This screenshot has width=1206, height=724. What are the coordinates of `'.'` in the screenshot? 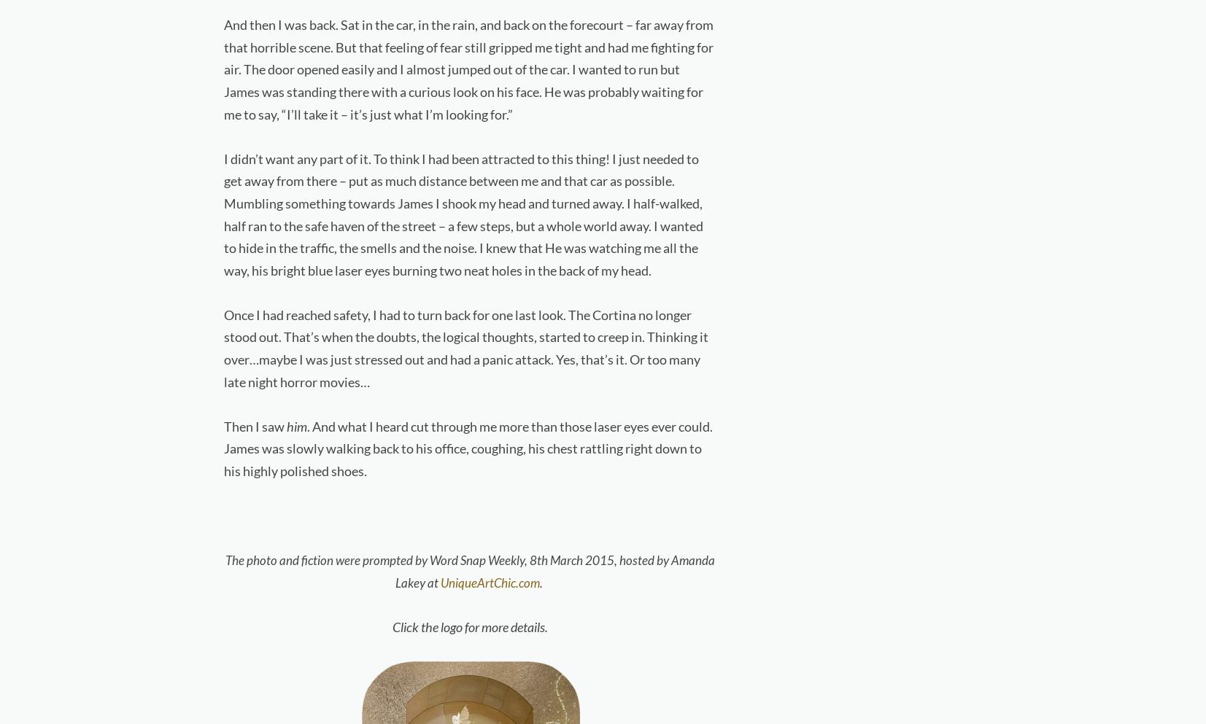 It's located at (541, 582).